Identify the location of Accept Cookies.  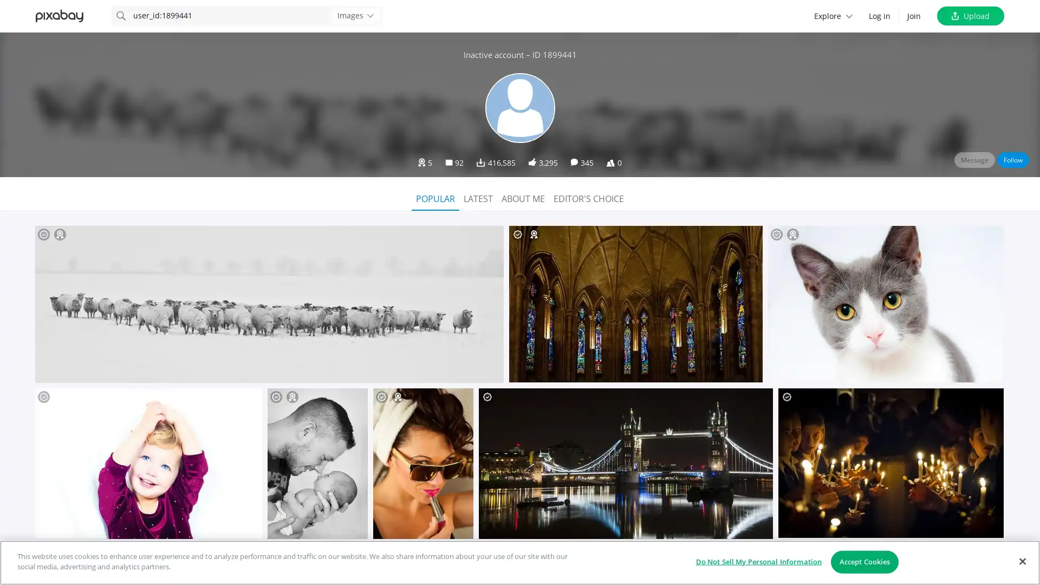
(864, 561).